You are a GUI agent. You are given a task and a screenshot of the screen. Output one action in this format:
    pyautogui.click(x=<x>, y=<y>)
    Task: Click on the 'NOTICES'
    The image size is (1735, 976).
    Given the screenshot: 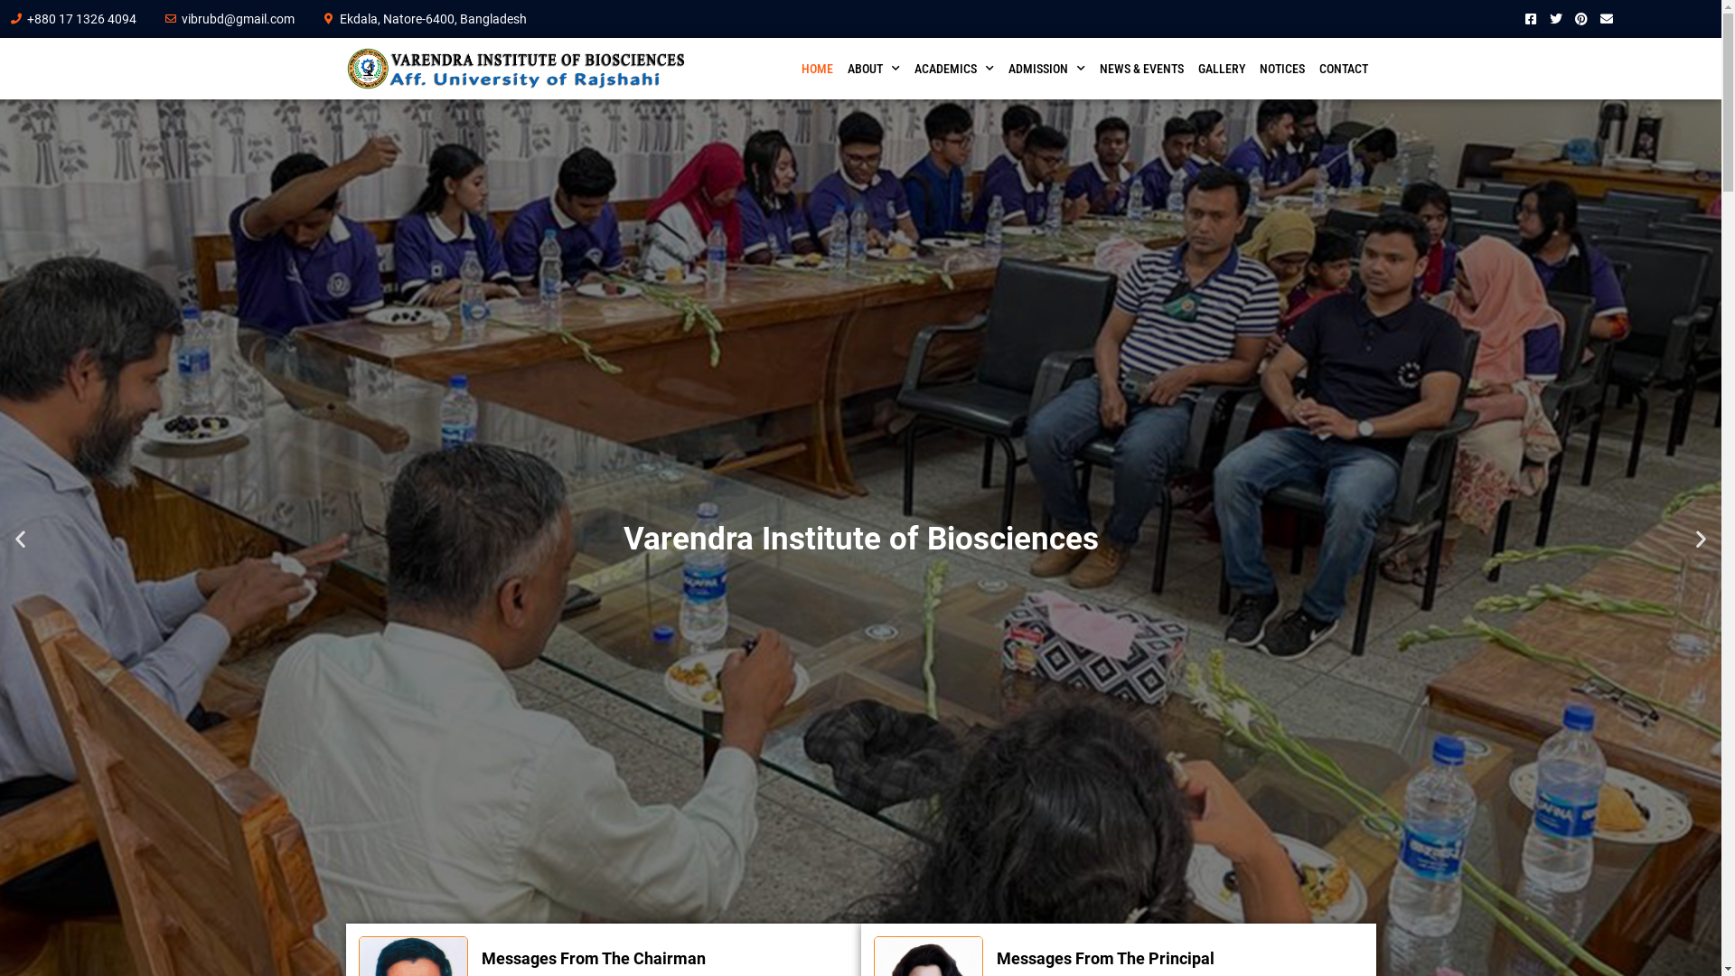 What is the action you would take?
    pyautogui.click(x=1252, y=68)
    